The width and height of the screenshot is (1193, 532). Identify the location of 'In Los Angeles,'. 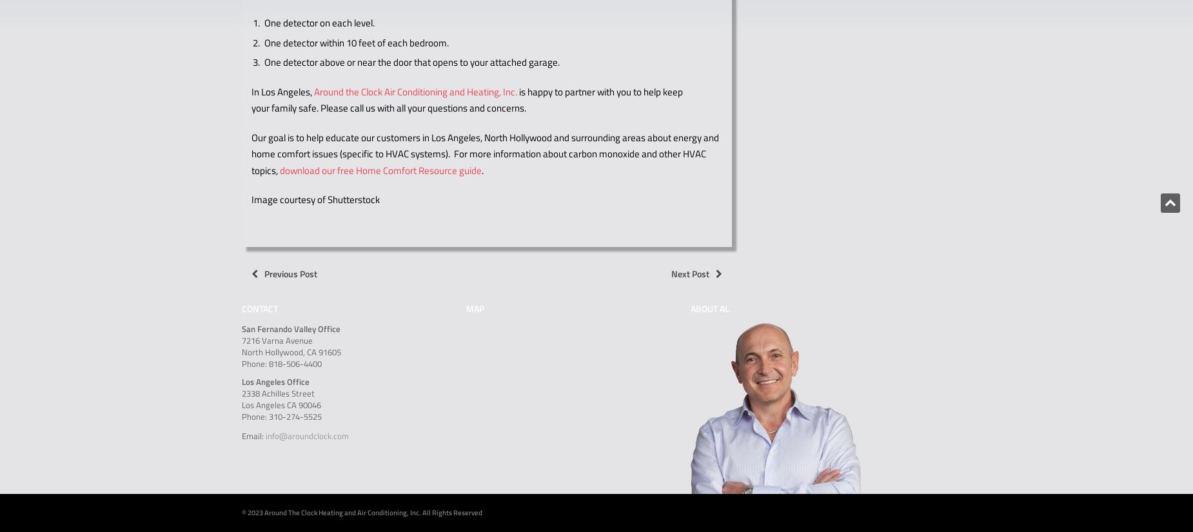
(282, 90).